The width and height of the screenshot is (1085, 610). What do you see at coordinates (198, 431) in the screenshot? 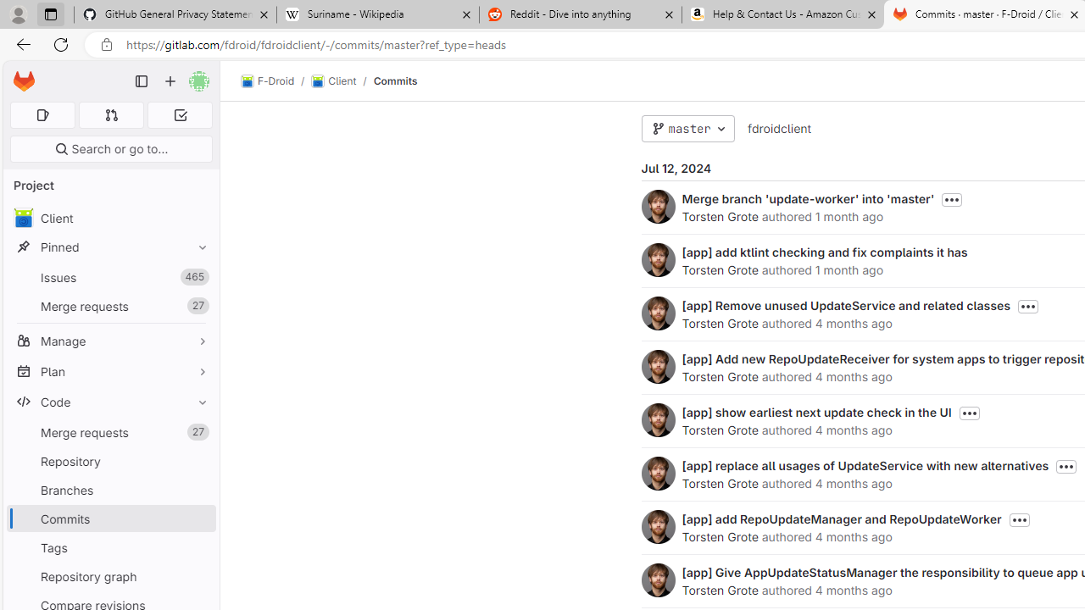
I see `'Unpin Merge requests'` at bounding box center [198, 431].